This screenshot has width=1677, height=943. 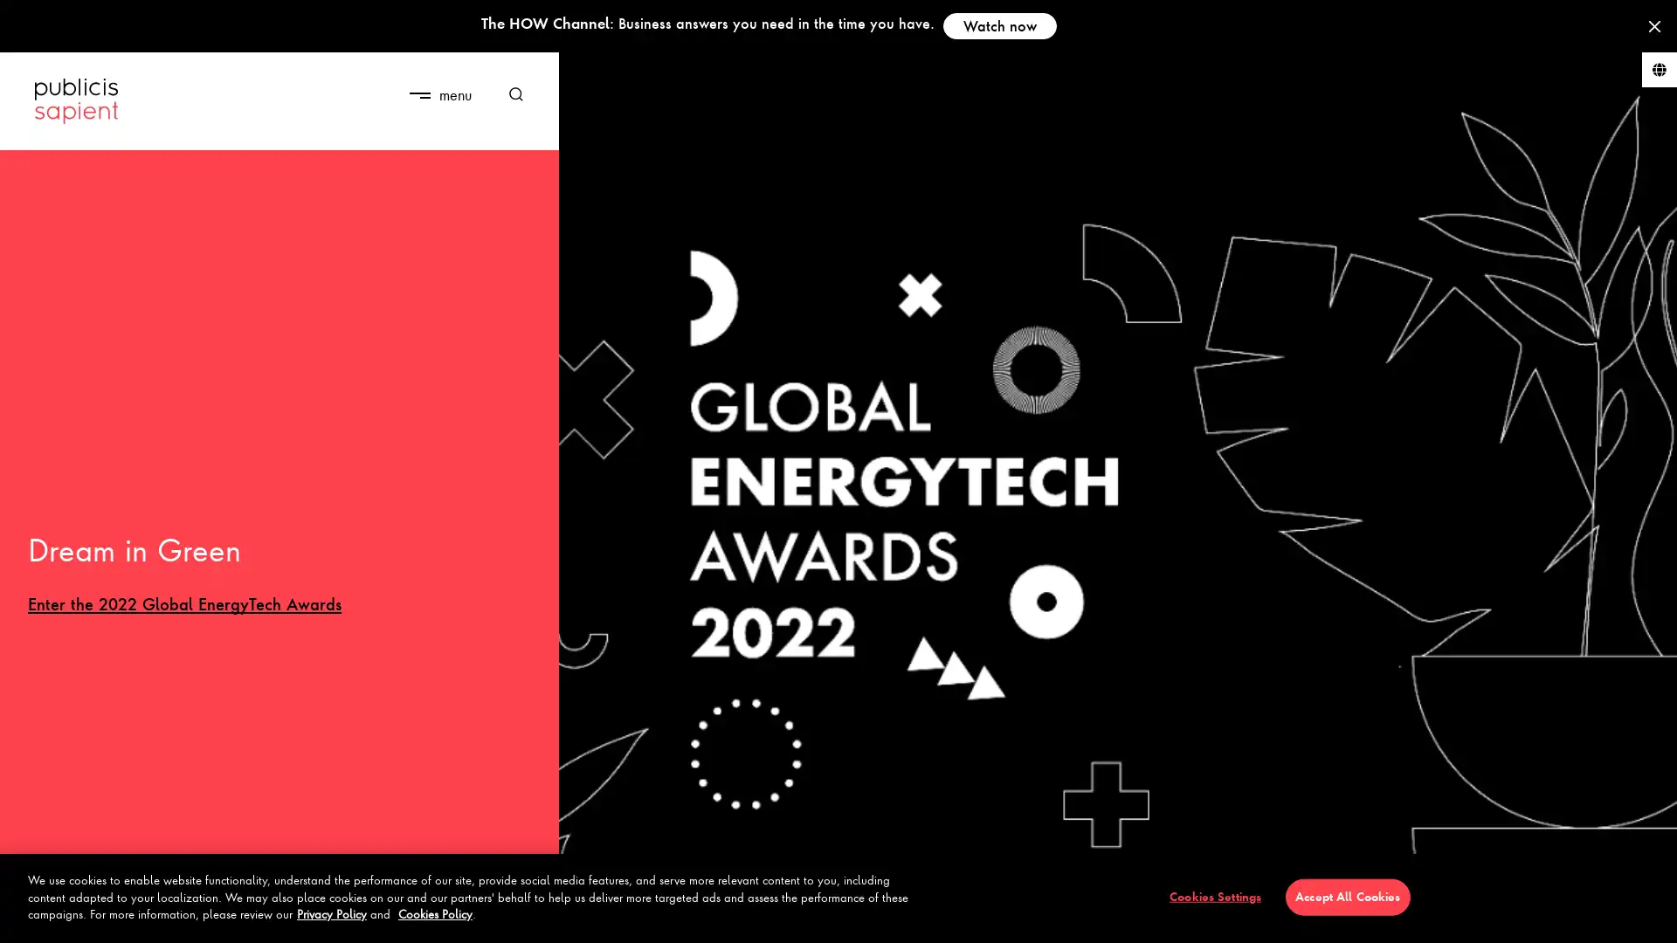 What do you see at coordinates (33, 919) in the screenshot?
I see `Display Slide 0` at bounding box center [33, 919].